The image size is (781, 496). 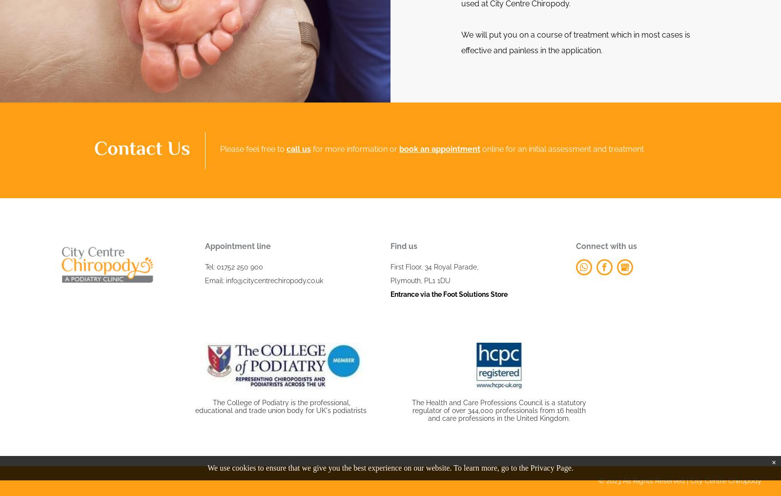 I want to click on 'online', so click(x=493, y=148).